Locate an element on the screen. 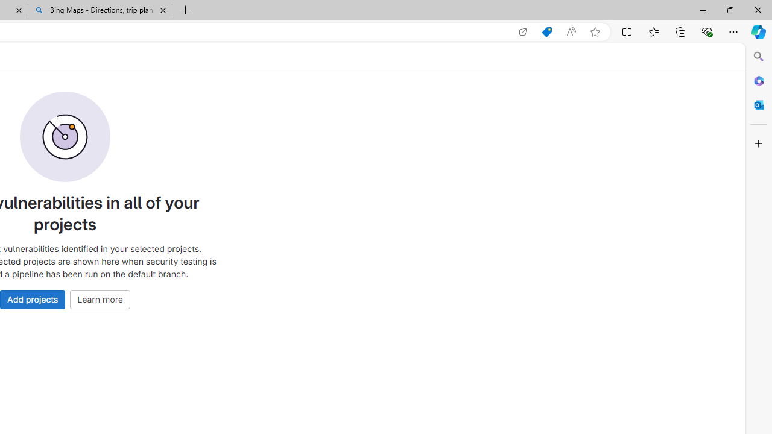 This screenshot has height=434, width=772. 'Open in app' is located at coordinates (523, 31).